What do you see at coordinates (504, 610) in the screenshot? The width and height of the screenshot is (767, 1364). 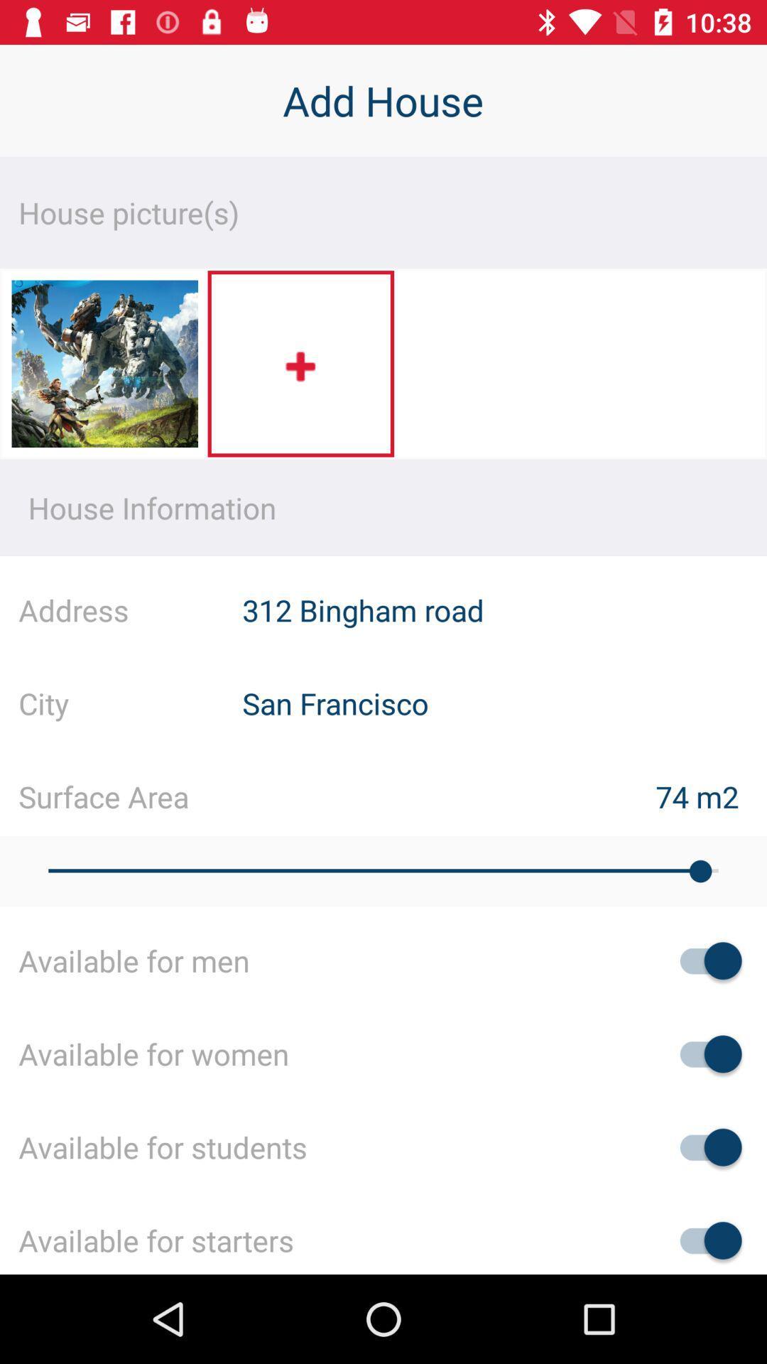 I see `the 312 bingham road` at bounding box center [504, 610].